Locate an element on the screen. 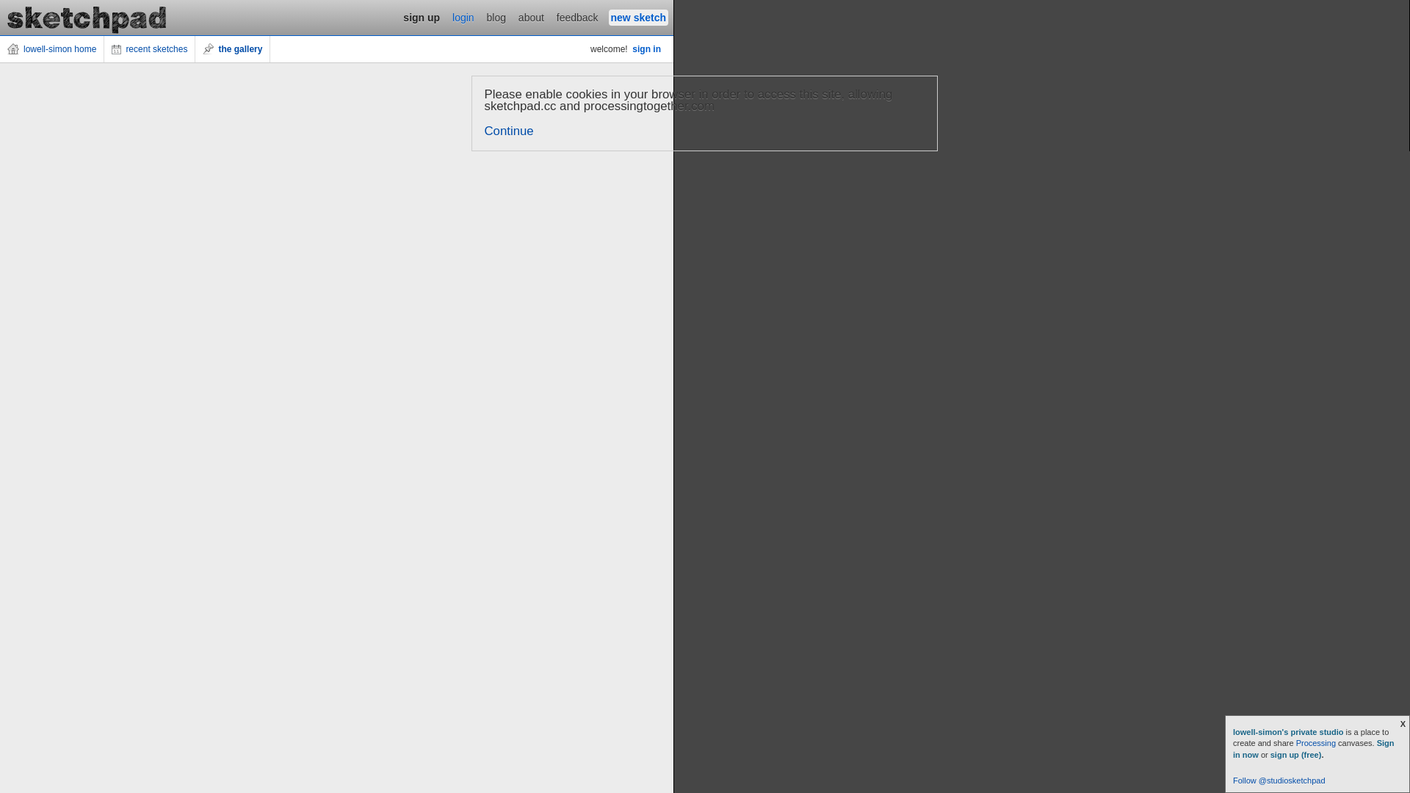 This screenshot has width=1410, height=793. 'Sign in now' is located at coordinates (1314, 748).